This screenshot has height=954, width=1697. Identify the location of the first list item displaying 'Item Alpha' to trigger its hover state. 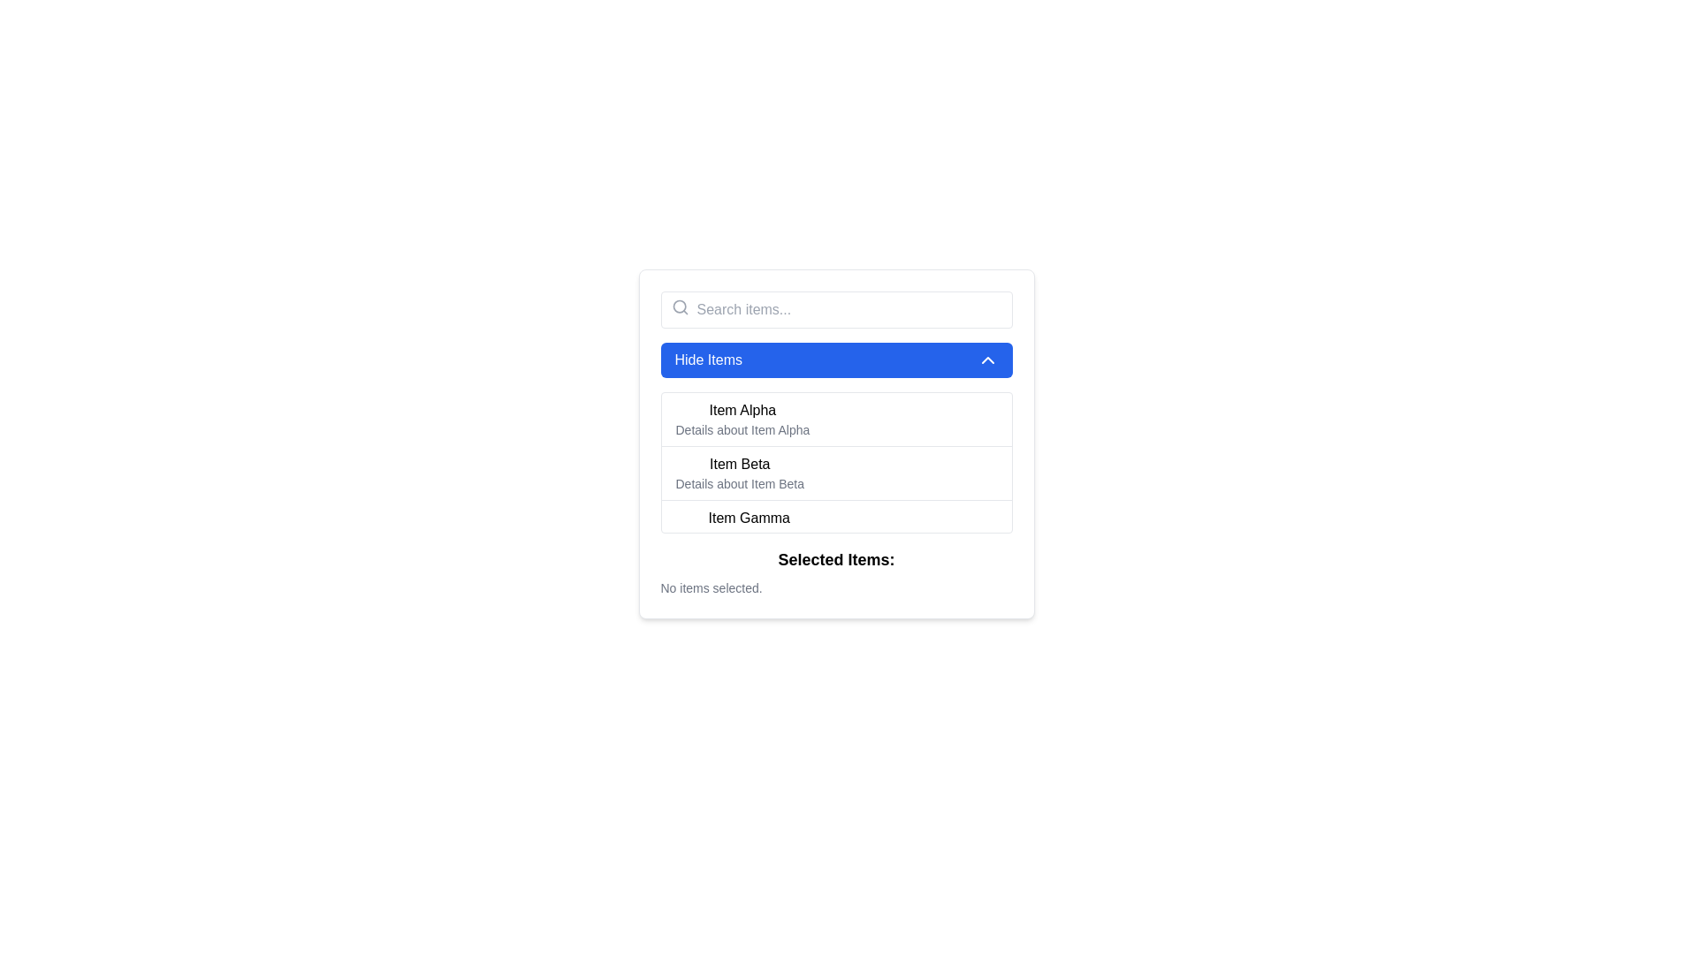
(835, 419).